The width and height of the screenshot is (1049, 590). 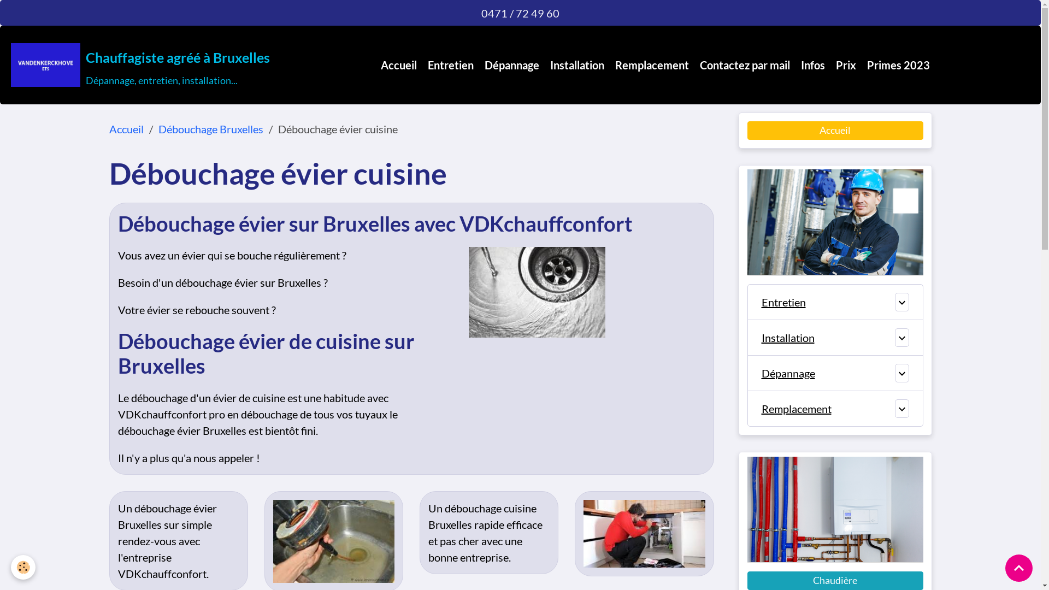 I want to click on 'Infos', so click(x=813, y=65).